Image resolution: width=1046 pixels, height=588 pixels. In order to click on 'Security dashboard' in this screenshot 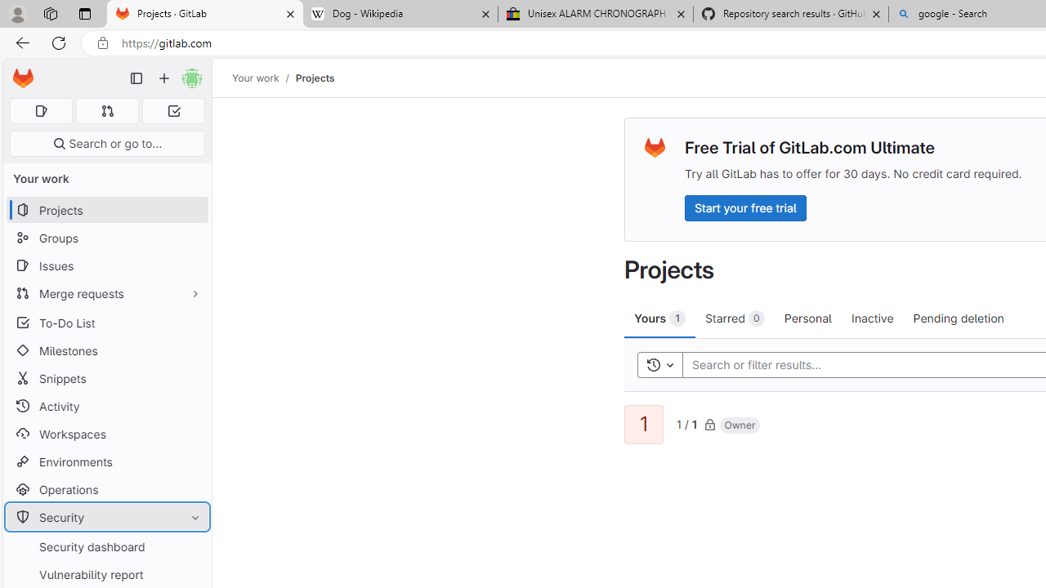, I will do `click(106, 546)`.